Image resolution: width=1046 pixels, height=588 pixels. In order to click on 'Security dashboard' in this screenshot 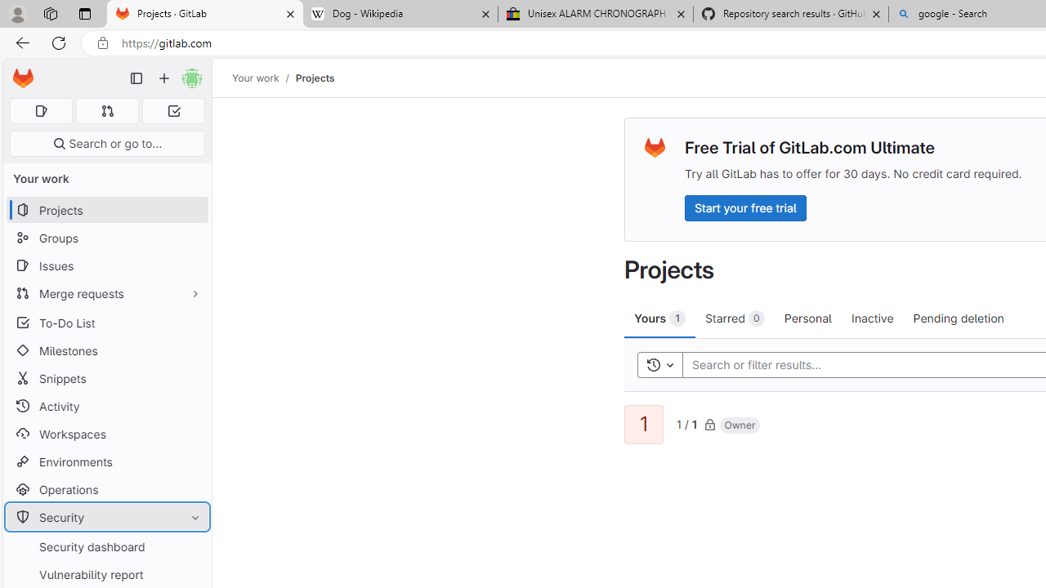, I will do `click(106, 546)`.